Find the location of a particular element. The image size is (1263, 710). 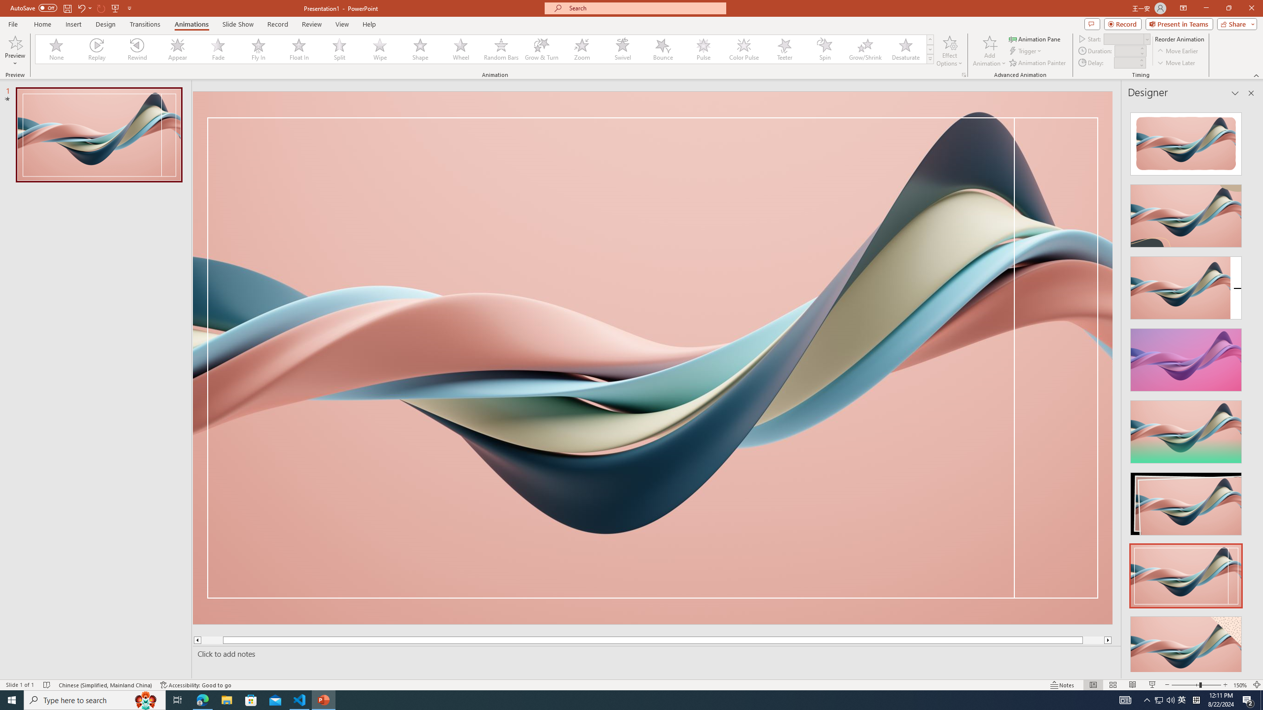

'Bounce' is located at coordinates (663, 49).